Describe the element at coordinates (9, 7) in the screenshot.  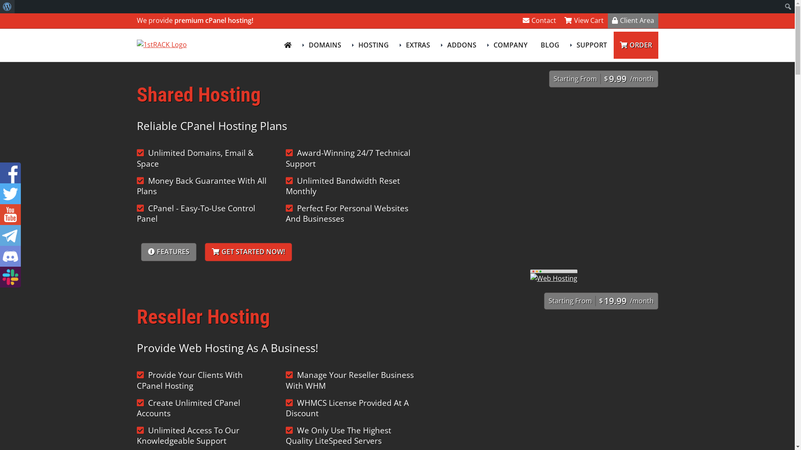
I see `'Search'` at that location.